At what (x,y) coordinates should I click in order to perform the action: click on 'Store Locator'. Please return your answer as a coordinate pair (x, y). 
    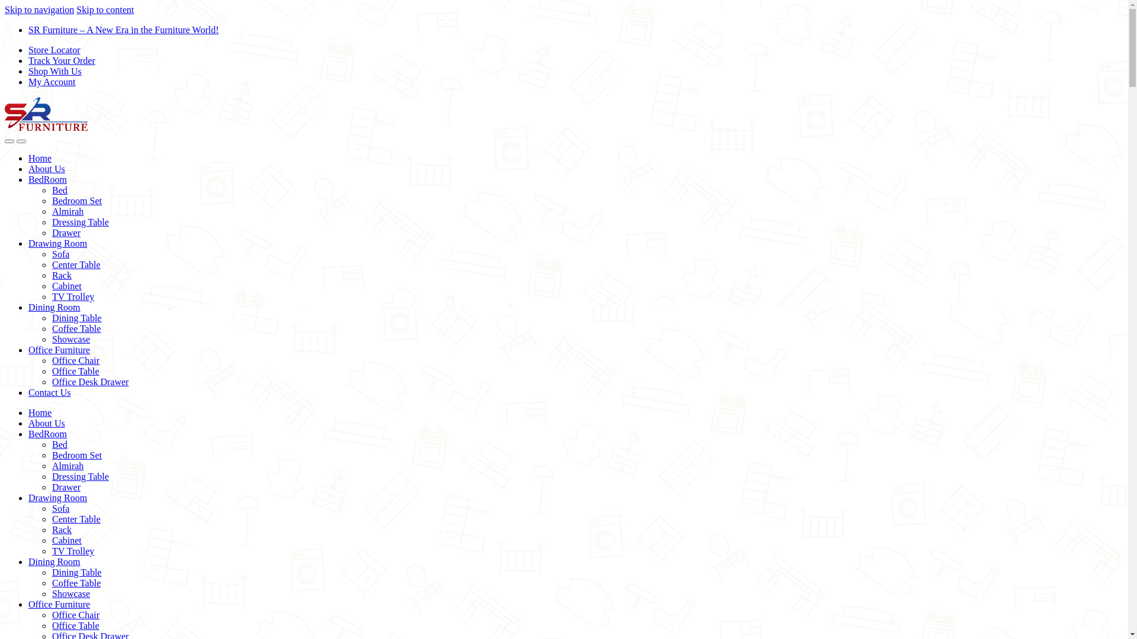
    Looking at the image, I should click on (53, 49).